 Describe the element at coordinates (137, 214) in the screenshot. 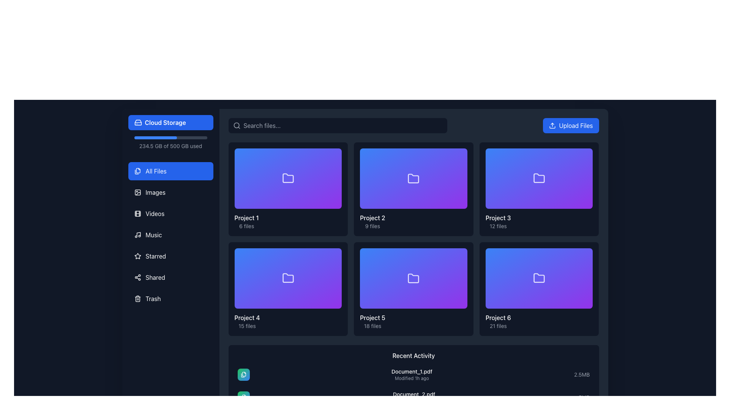

I see `the small rectangular frame with slightly rounded corners, which is part of an SVG icon resembling a film frame in the sidebar options` at that location.